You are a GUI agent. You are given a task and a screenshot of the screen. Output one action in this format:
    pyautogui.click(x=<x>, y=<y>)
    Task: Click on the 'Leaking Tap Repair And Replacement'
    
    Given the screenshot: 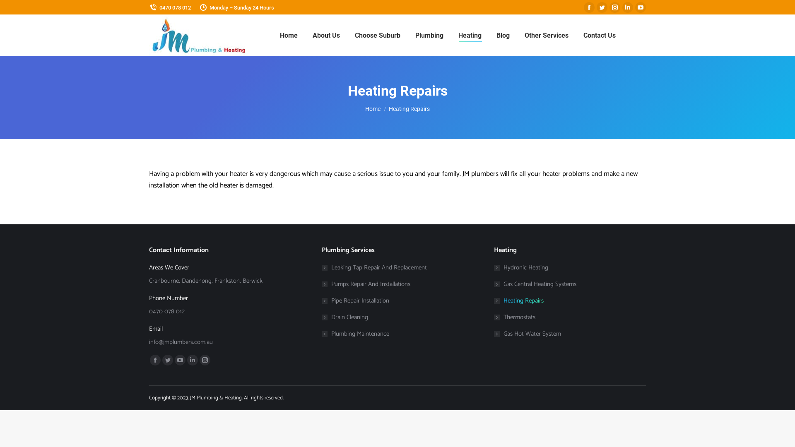 What is the action you would take?
    pyautogui.click(x=373, y=267)
    